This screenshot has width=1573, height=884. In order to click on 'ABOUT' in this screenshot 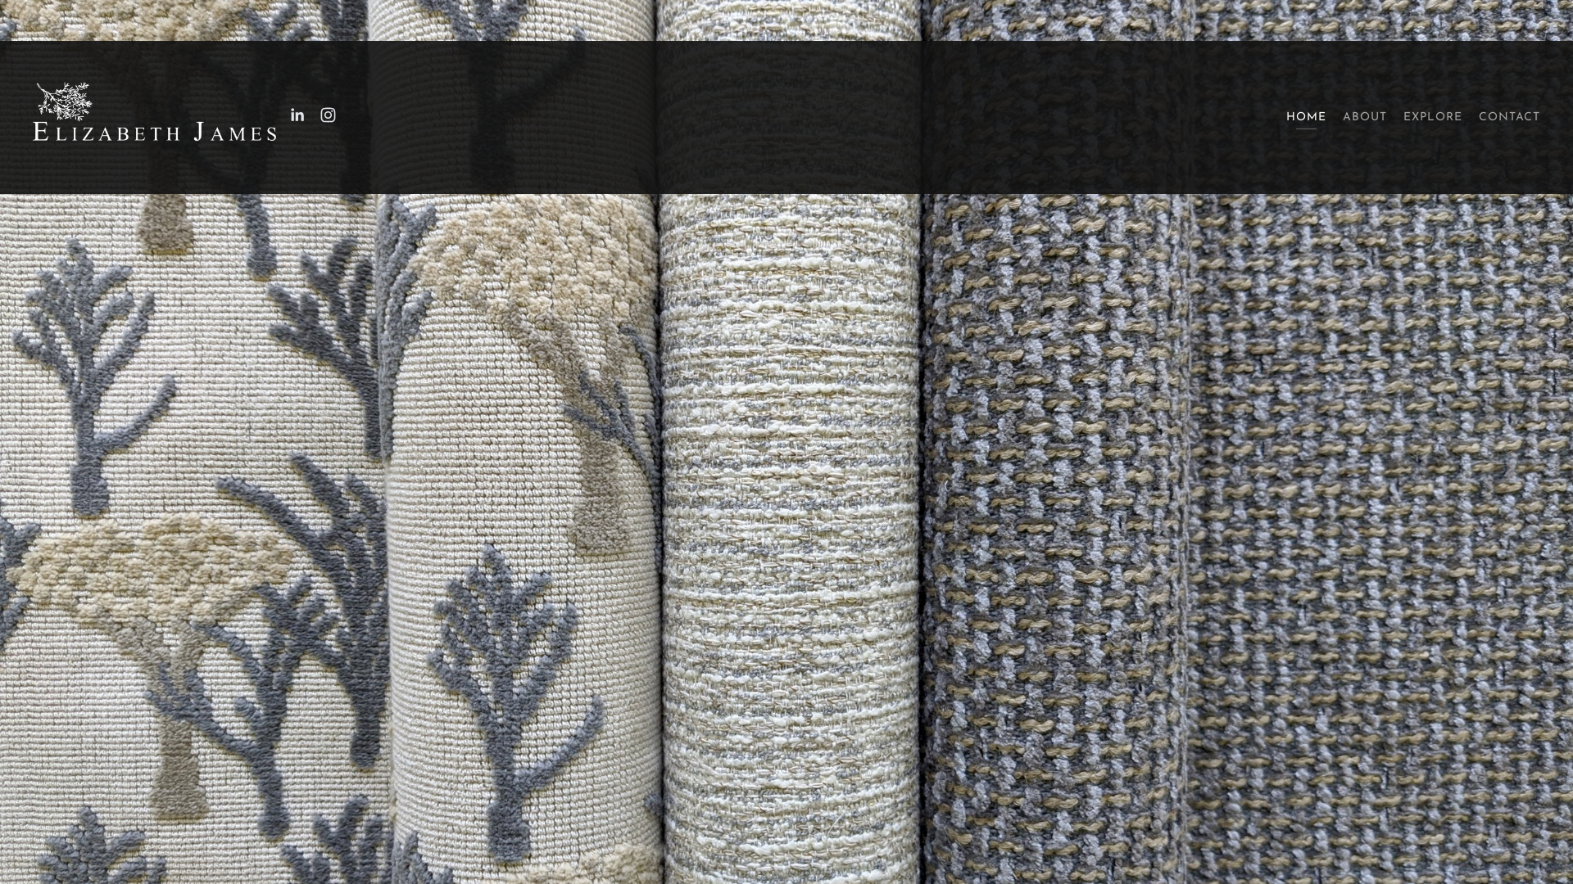, I will do `click(1364, 116)`.